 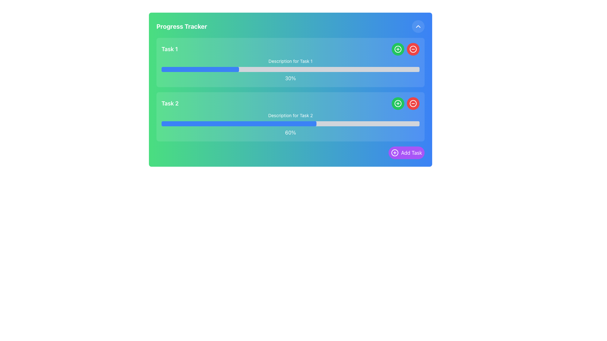 What do you see at coordinates (397, 103) in the screenshot?
I see `the green circular button with a white plus icon` at bounding box center [397, 103].